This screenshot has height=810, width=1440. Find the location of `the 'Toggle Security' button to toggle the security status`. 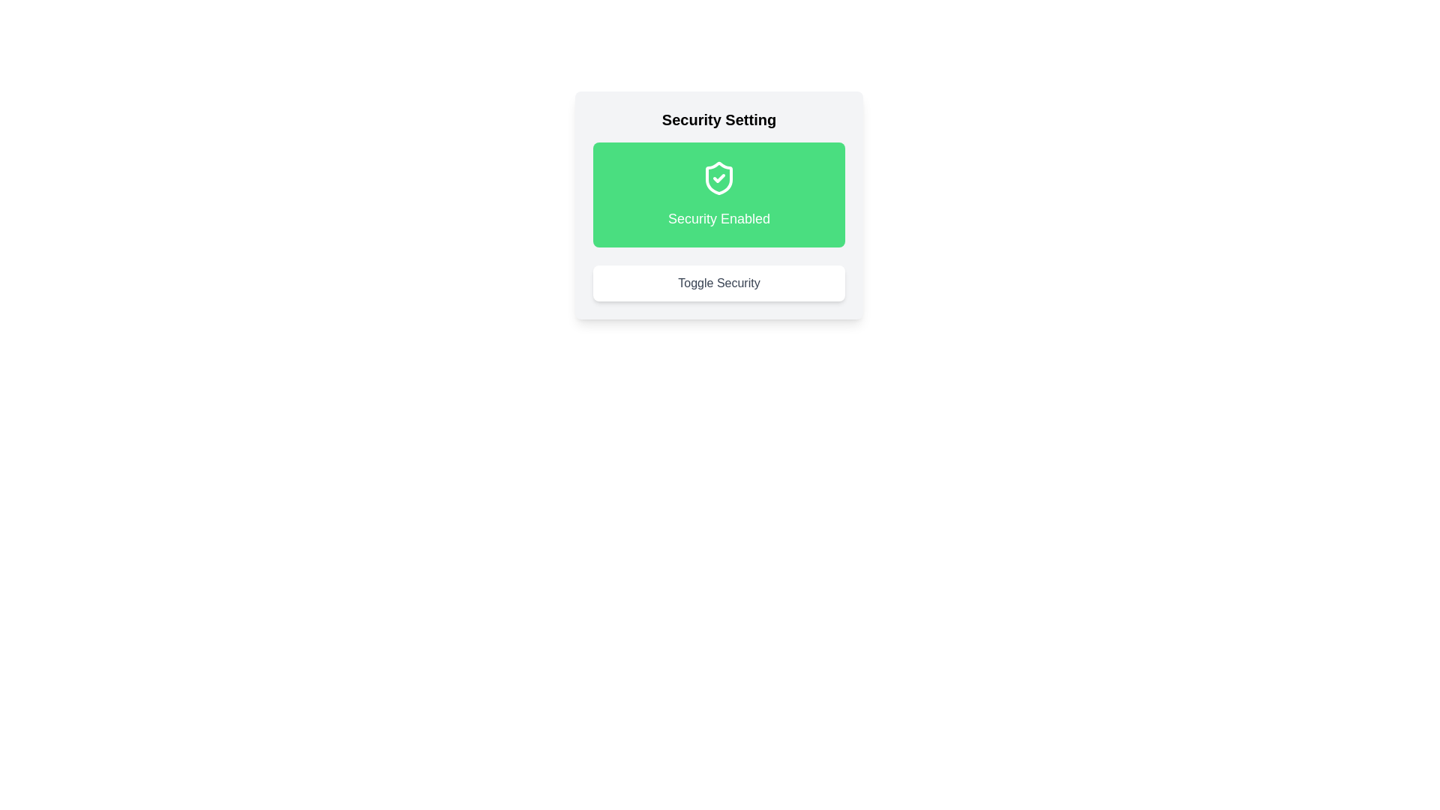

the 'Toggle Security' button to toggle the security status is located at coordinates (718, 283).